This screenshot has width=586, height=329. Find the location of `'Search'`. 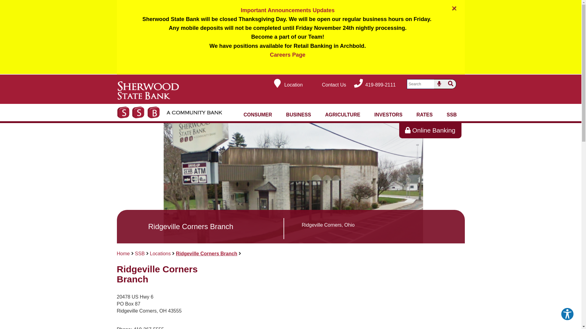

'Search' is located at coordinates (420, 84).